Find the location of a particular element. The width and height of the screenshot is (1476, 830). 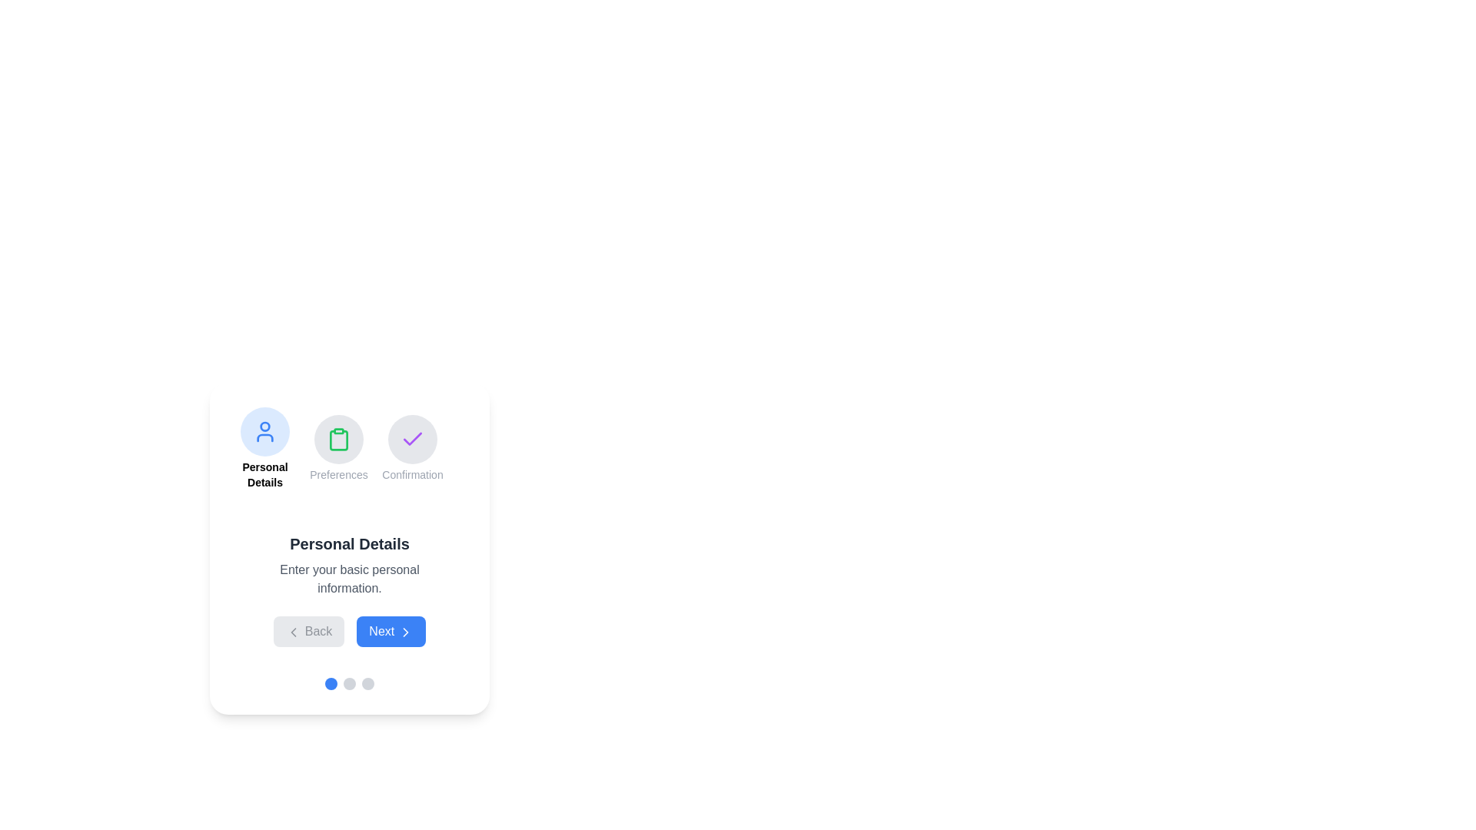

the top circular component of the user icon that indicates the current step in the multi-step process, highlighting 'Personal Details.' is located at coordinates (265, 427).